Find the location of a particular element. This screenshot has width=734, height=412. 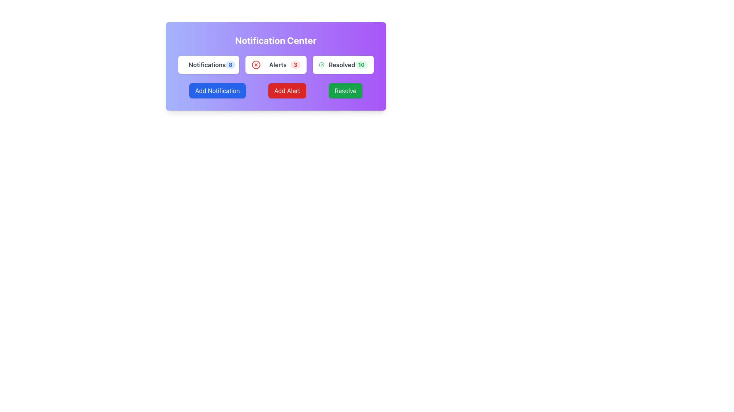

the third button-like info card that displays the count of resolved items, which is '10', located at the top-right corner of the group of notifications is located at coordinates (343, 64).